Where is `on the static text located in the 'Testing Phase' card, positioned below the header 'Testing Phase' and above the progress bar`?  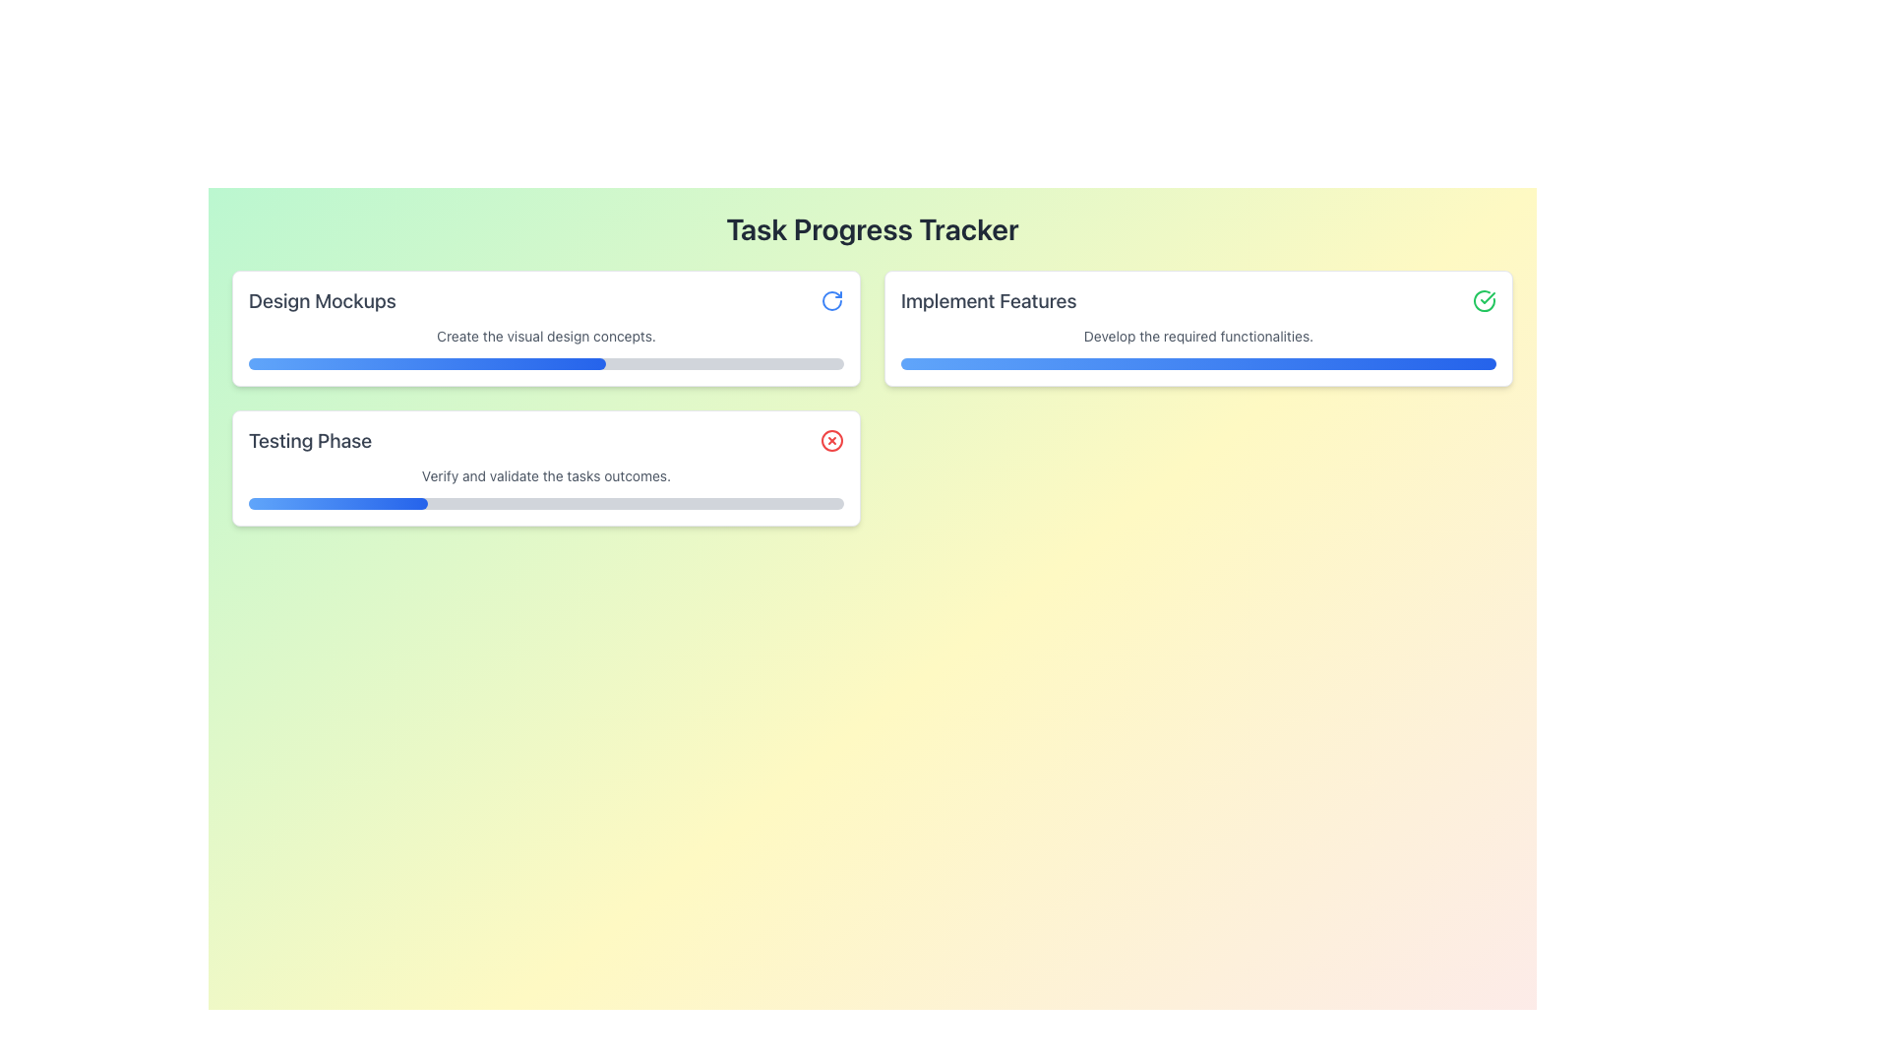
on the static text located in the 'Testing Phase' card, positioned below the header 'Testing Phase' and above the progress bar is located at coordinates (546, 475).